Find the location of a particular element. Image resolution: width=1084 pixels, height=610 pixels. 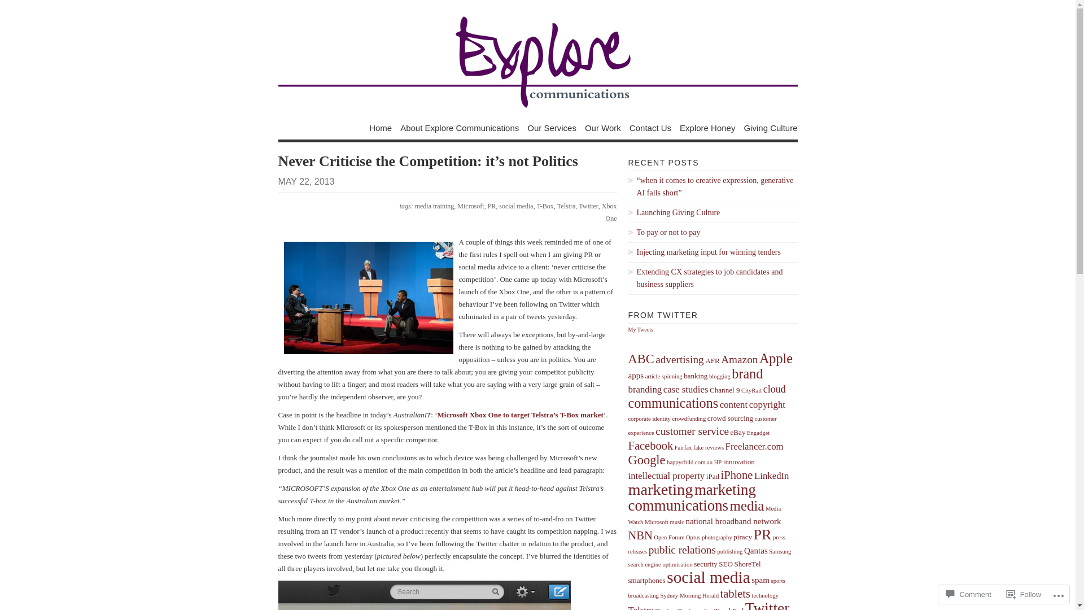

'marketing communications' is located at coordinates (690, 496).